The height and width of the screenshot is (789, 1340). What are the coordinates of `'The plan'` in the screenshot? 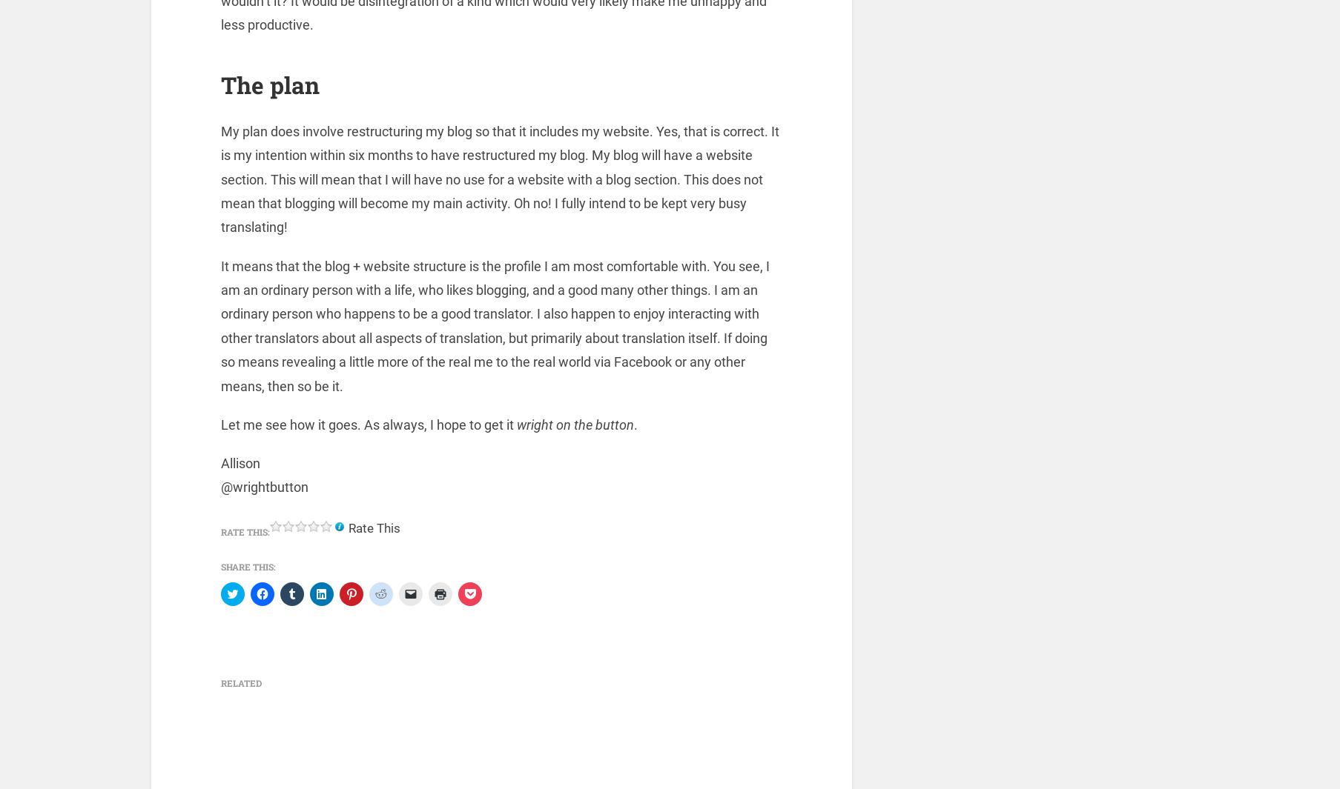 It's located at (269, 87).